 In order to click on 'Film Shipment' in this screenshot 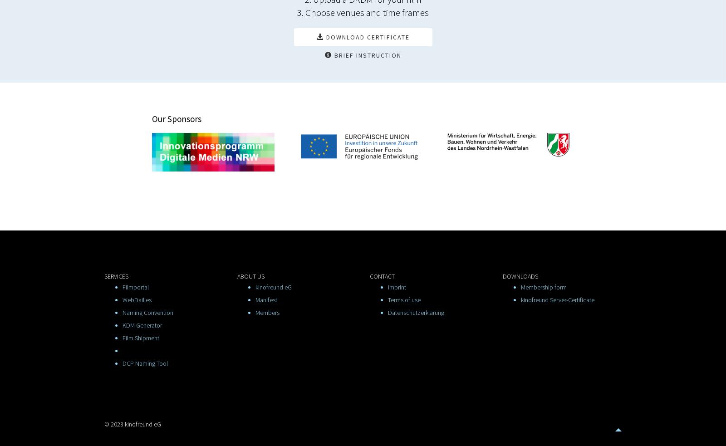, I will do `click(141, 338)`.